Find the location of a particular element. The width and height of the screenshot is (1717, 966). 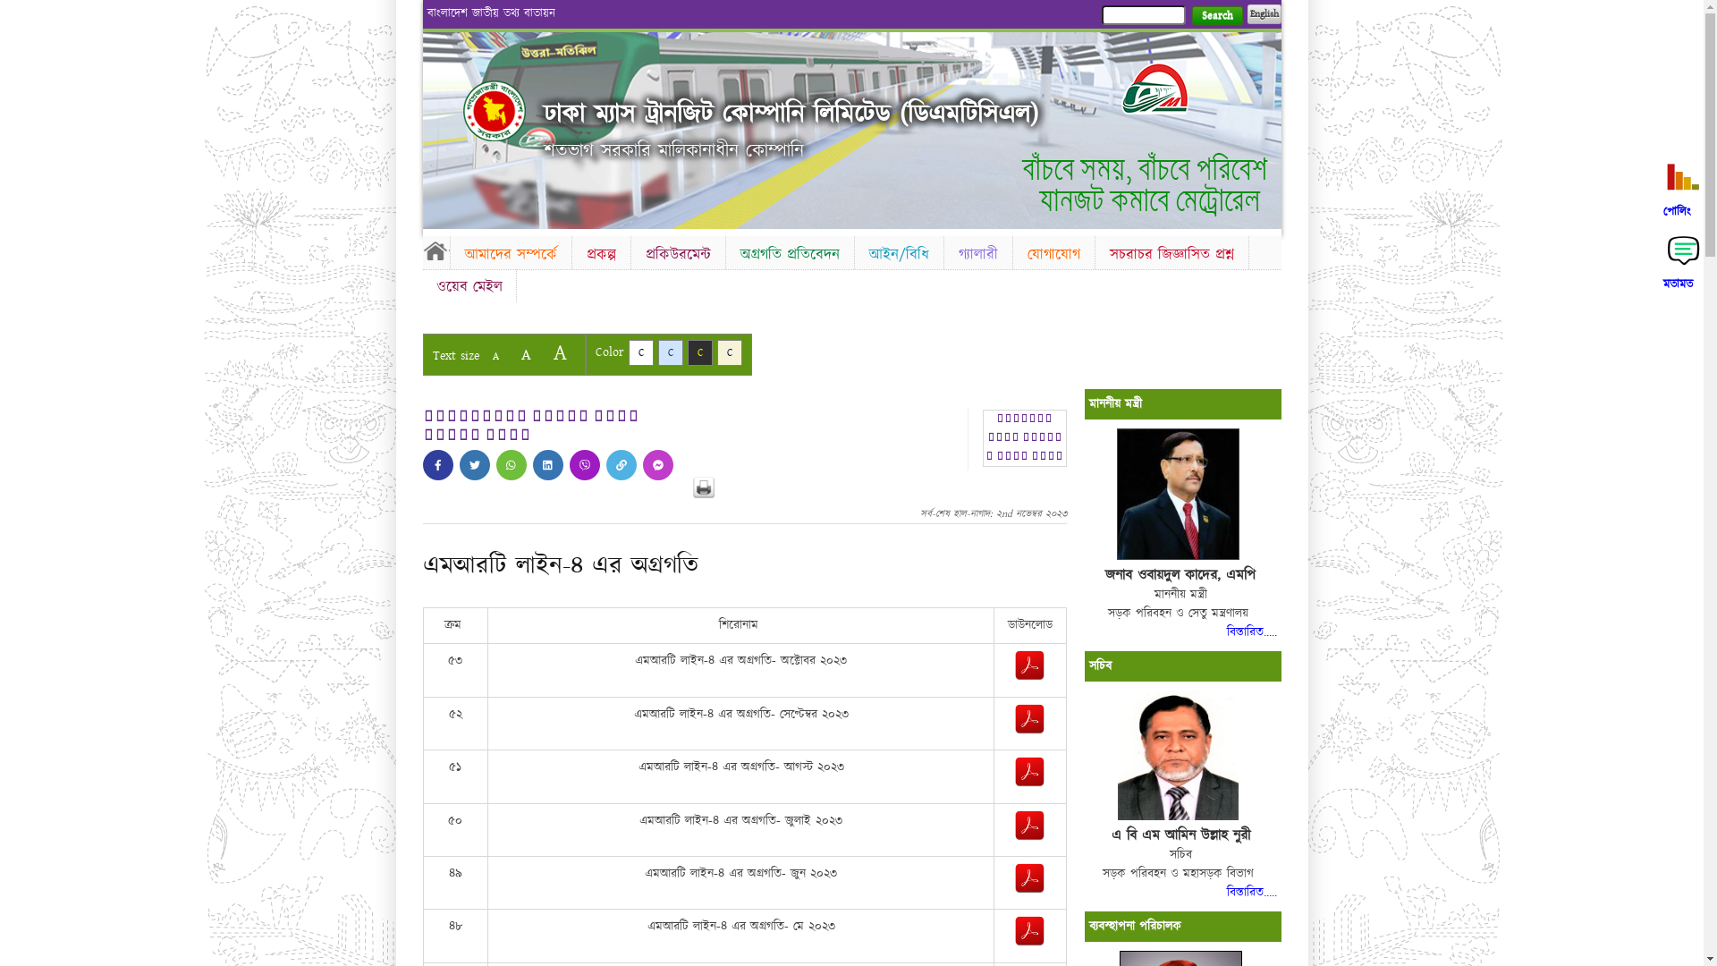

'C' is located at coordinates (669, 352).